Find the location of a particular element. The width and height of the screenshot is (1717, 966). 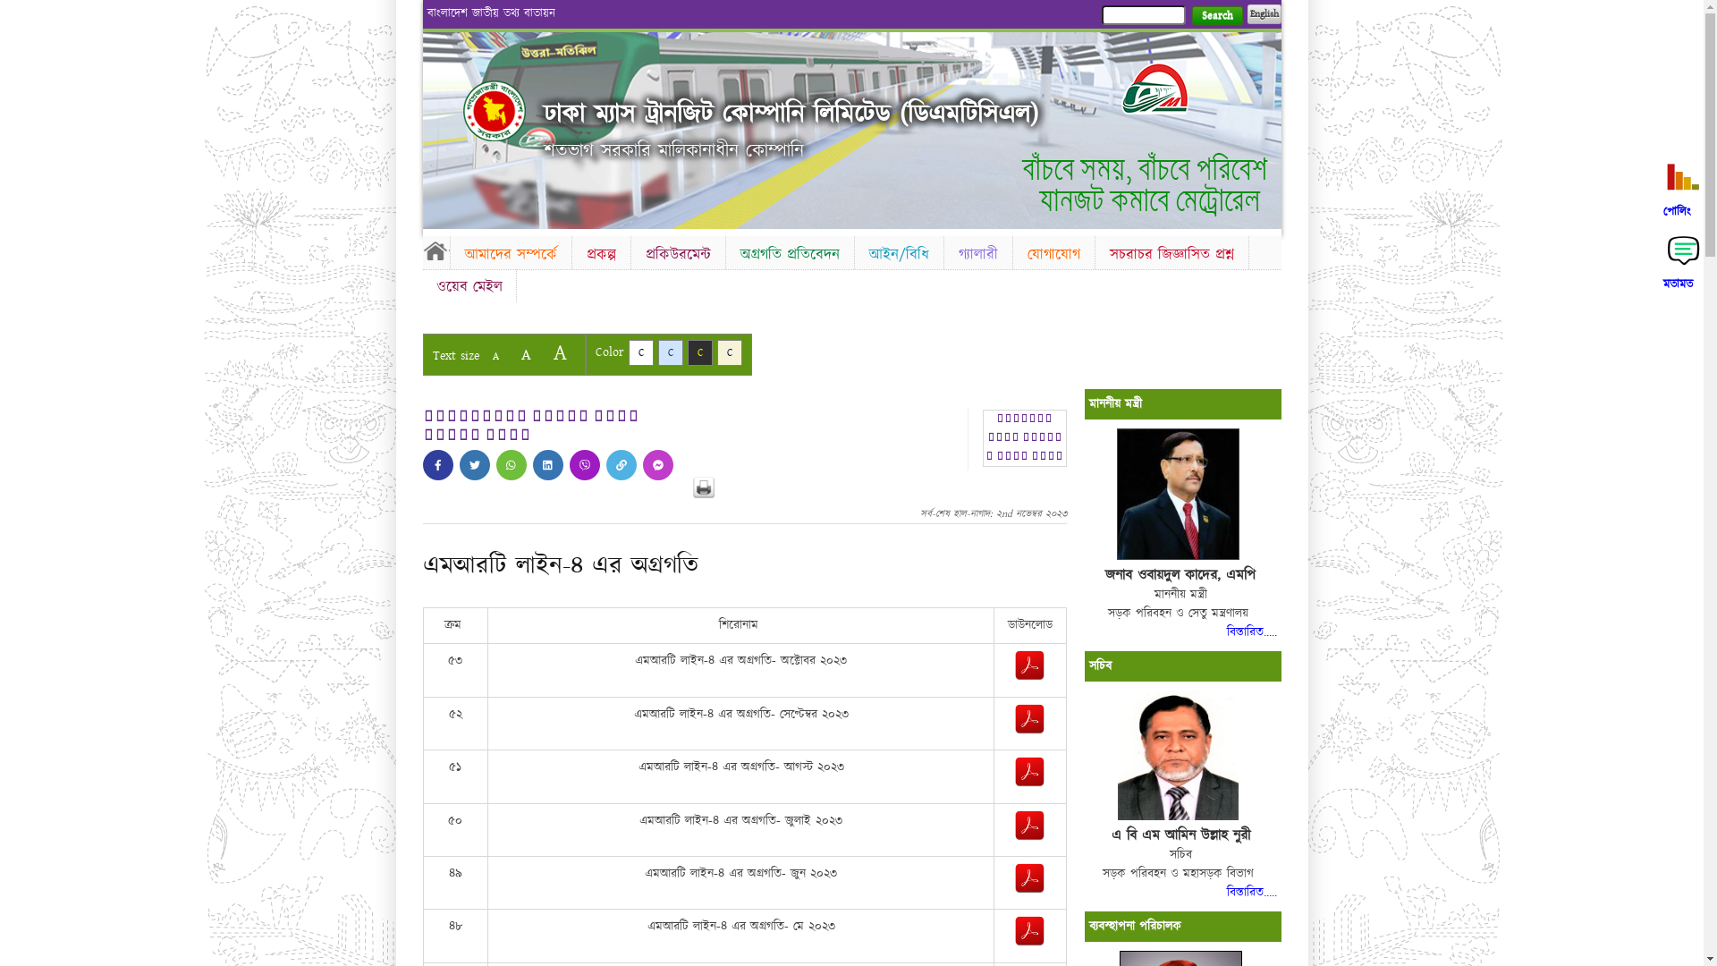

'C' is located at coordinates (669, 352).